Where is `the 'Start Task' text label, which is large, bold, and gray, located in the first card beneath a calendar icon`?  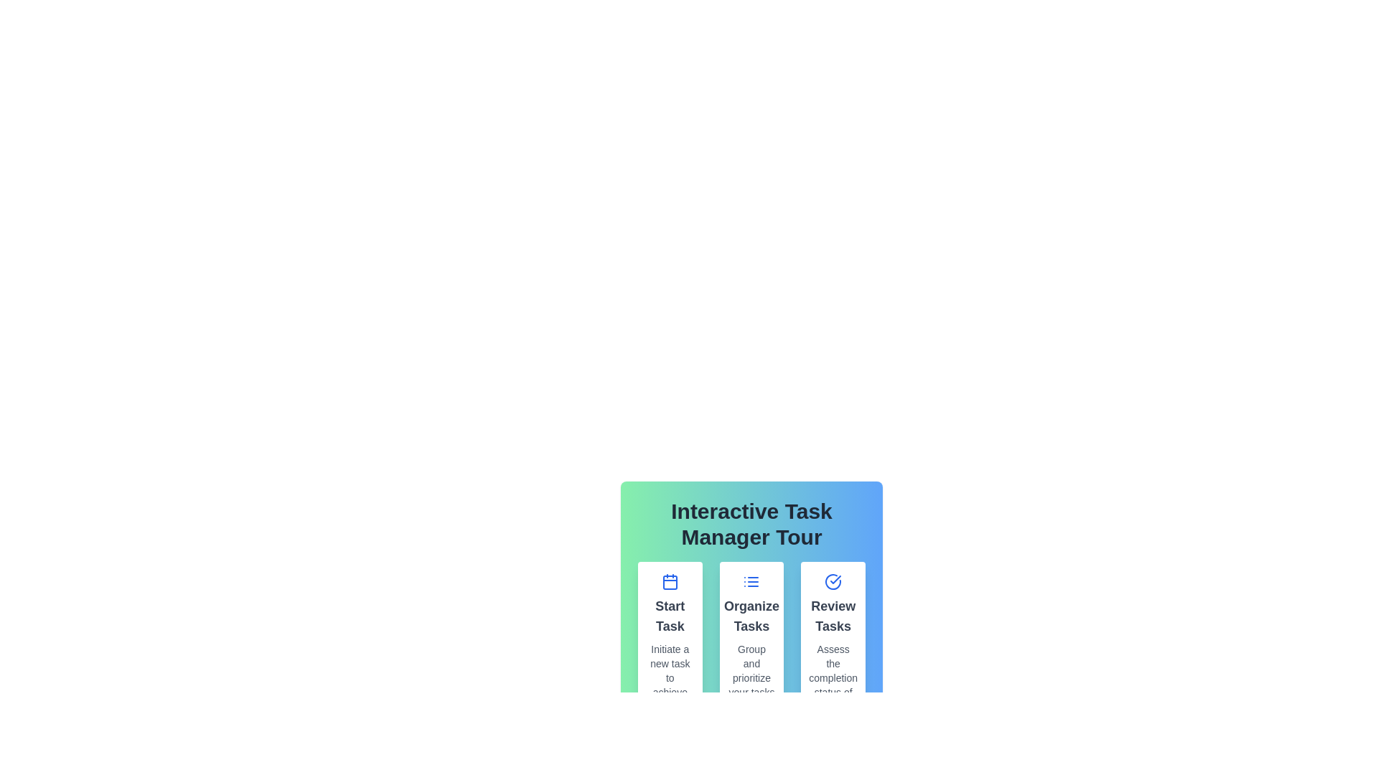
the 'Start Task' text label, which is large, bold, and gray, located in the first card beneath a calendar icon is located at coordinates (669, 616).